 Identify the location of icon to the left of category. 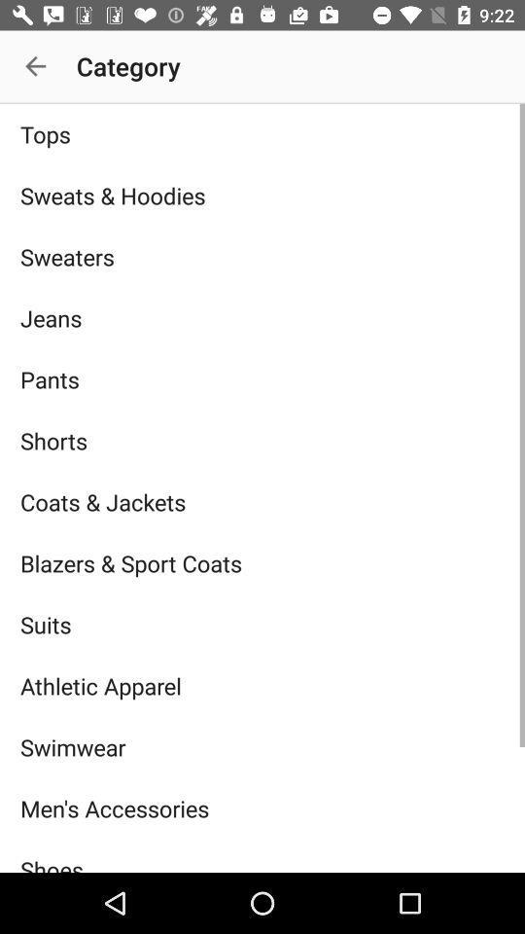
(35, 66).